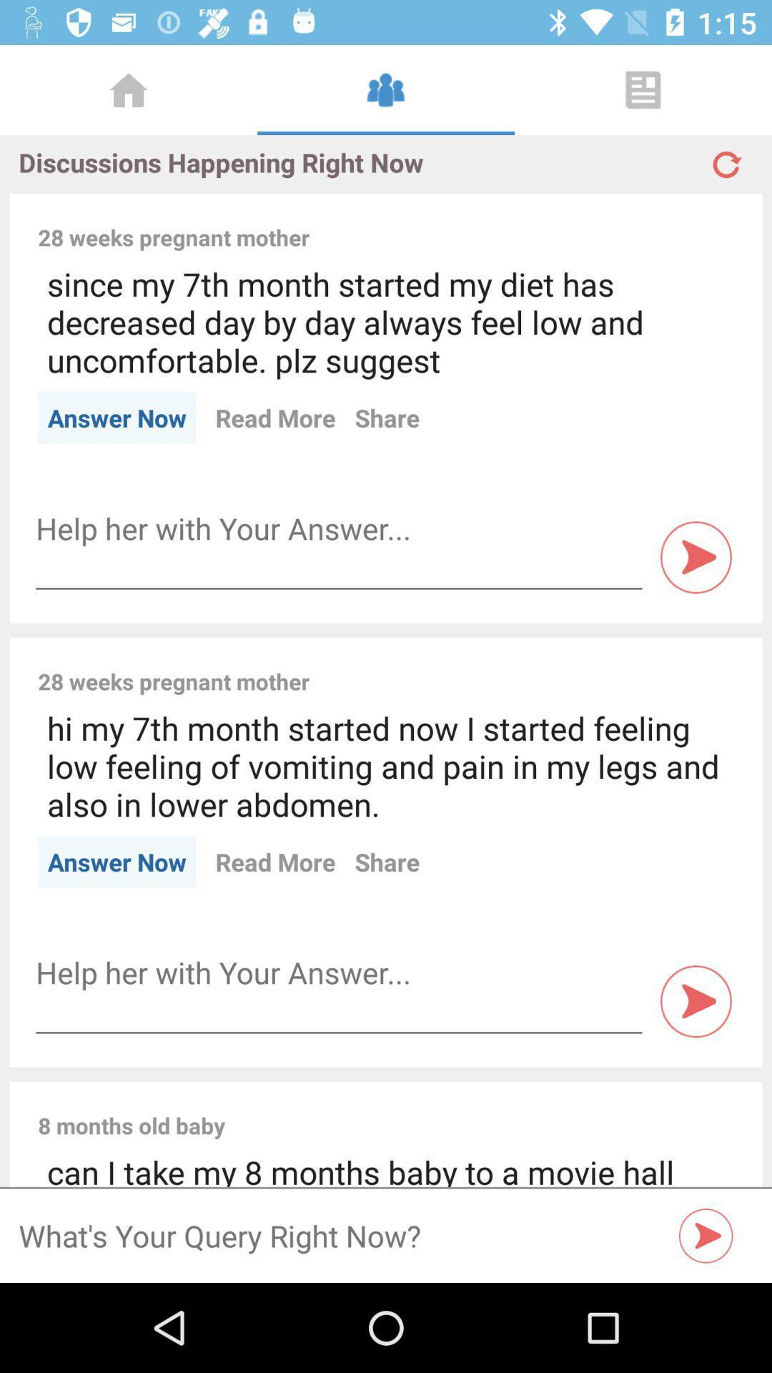 The image size is (772, 1373). What do you see at coordinates (531, 665) in the screenshot?
I see `item to the right of 28 weeks pregnant icon` at bounding box center [531, 665].